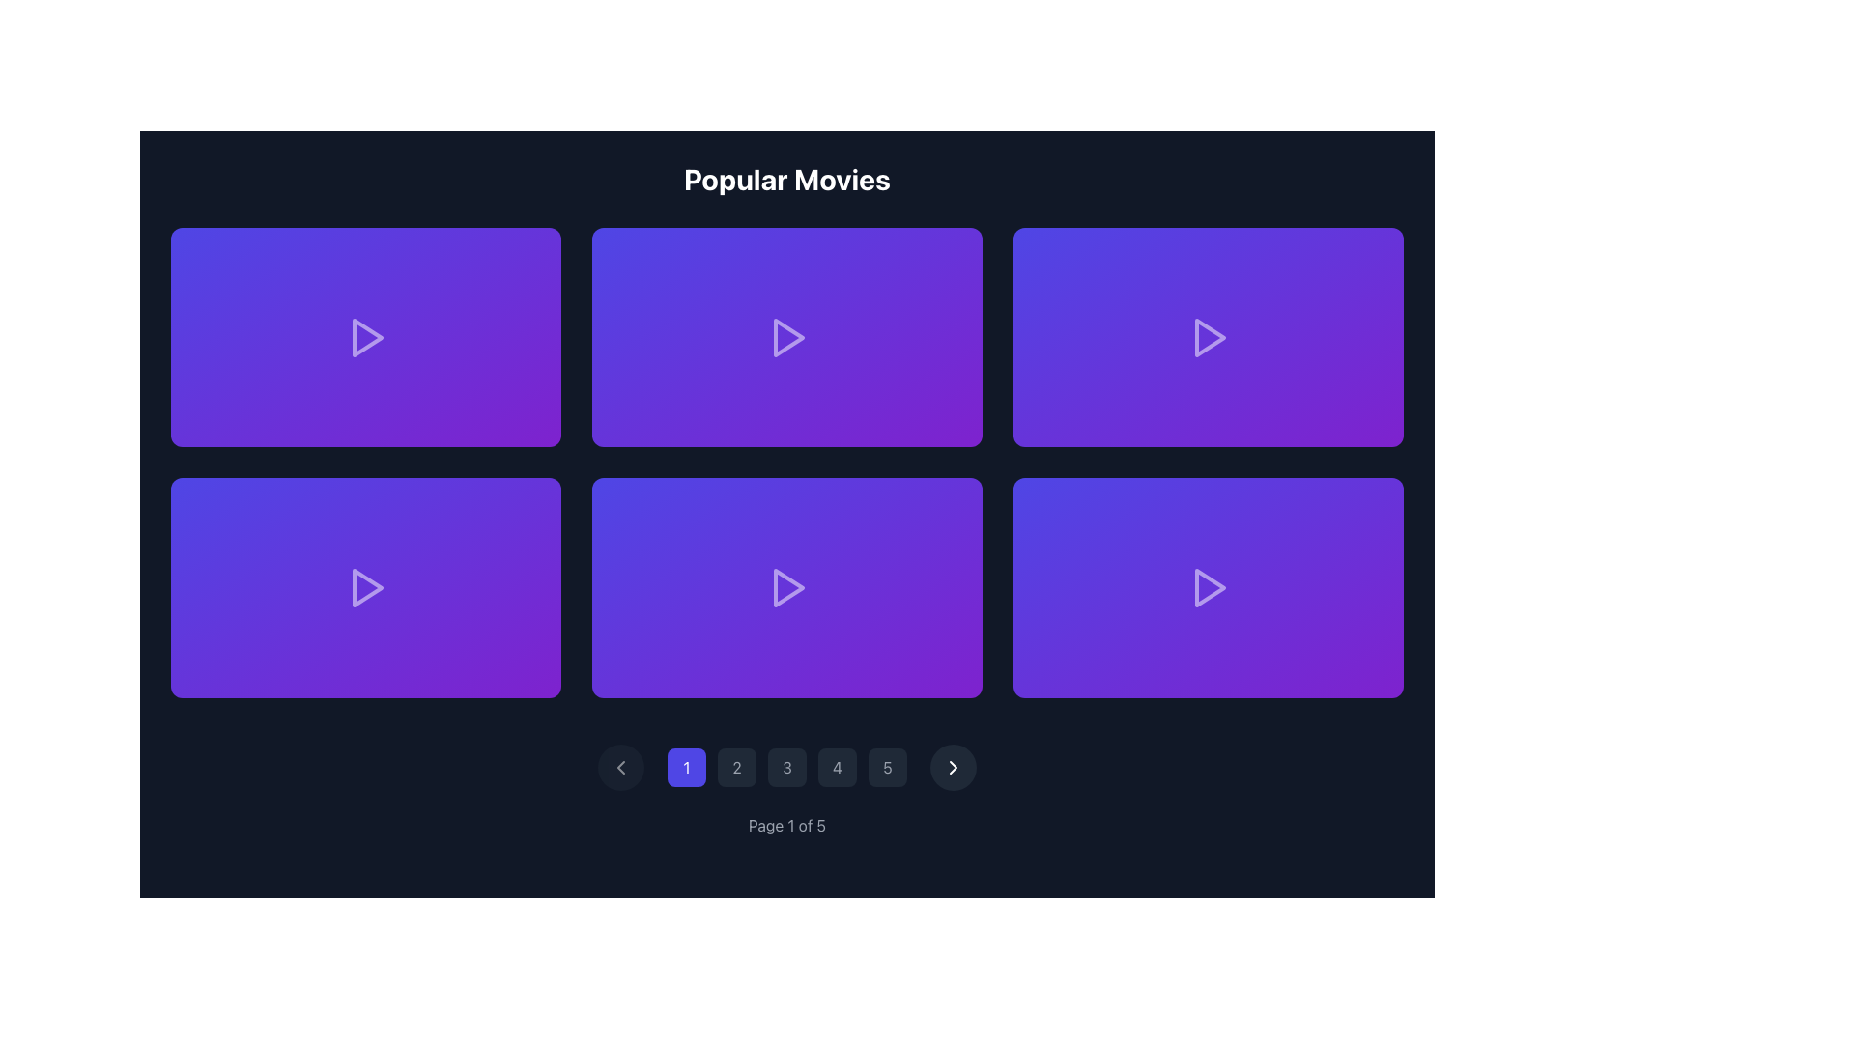 The height and width of the screenshot is (1043, 1855). What do you see at coordinates (787, 335) in the screenshot?
I see `the play icon represented by a triangle on a purple gradient background in the second card of the 'Popular Movies' section` at bounding box center [787, 335].